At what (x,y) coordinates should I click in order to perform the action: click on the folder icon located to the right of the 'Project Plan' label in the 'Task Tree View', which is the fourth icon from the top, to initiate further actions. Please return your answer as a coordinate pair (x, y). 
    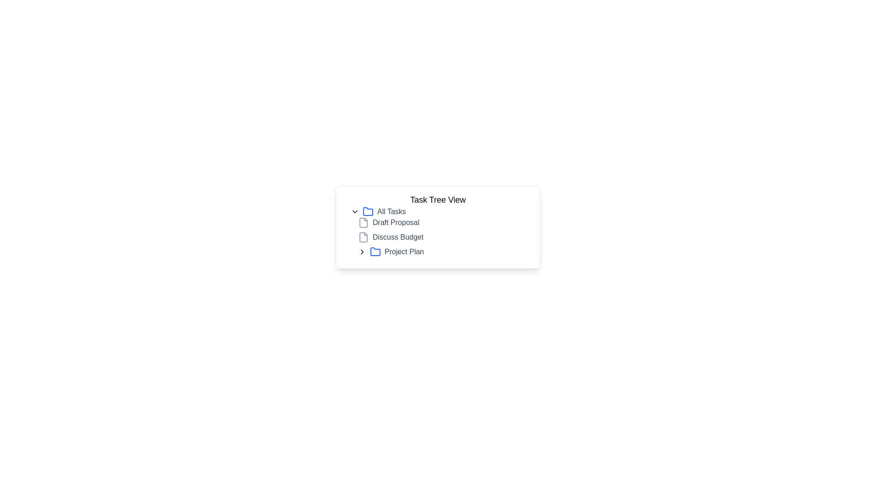
    Looking at the image, I should click on (375, 252).